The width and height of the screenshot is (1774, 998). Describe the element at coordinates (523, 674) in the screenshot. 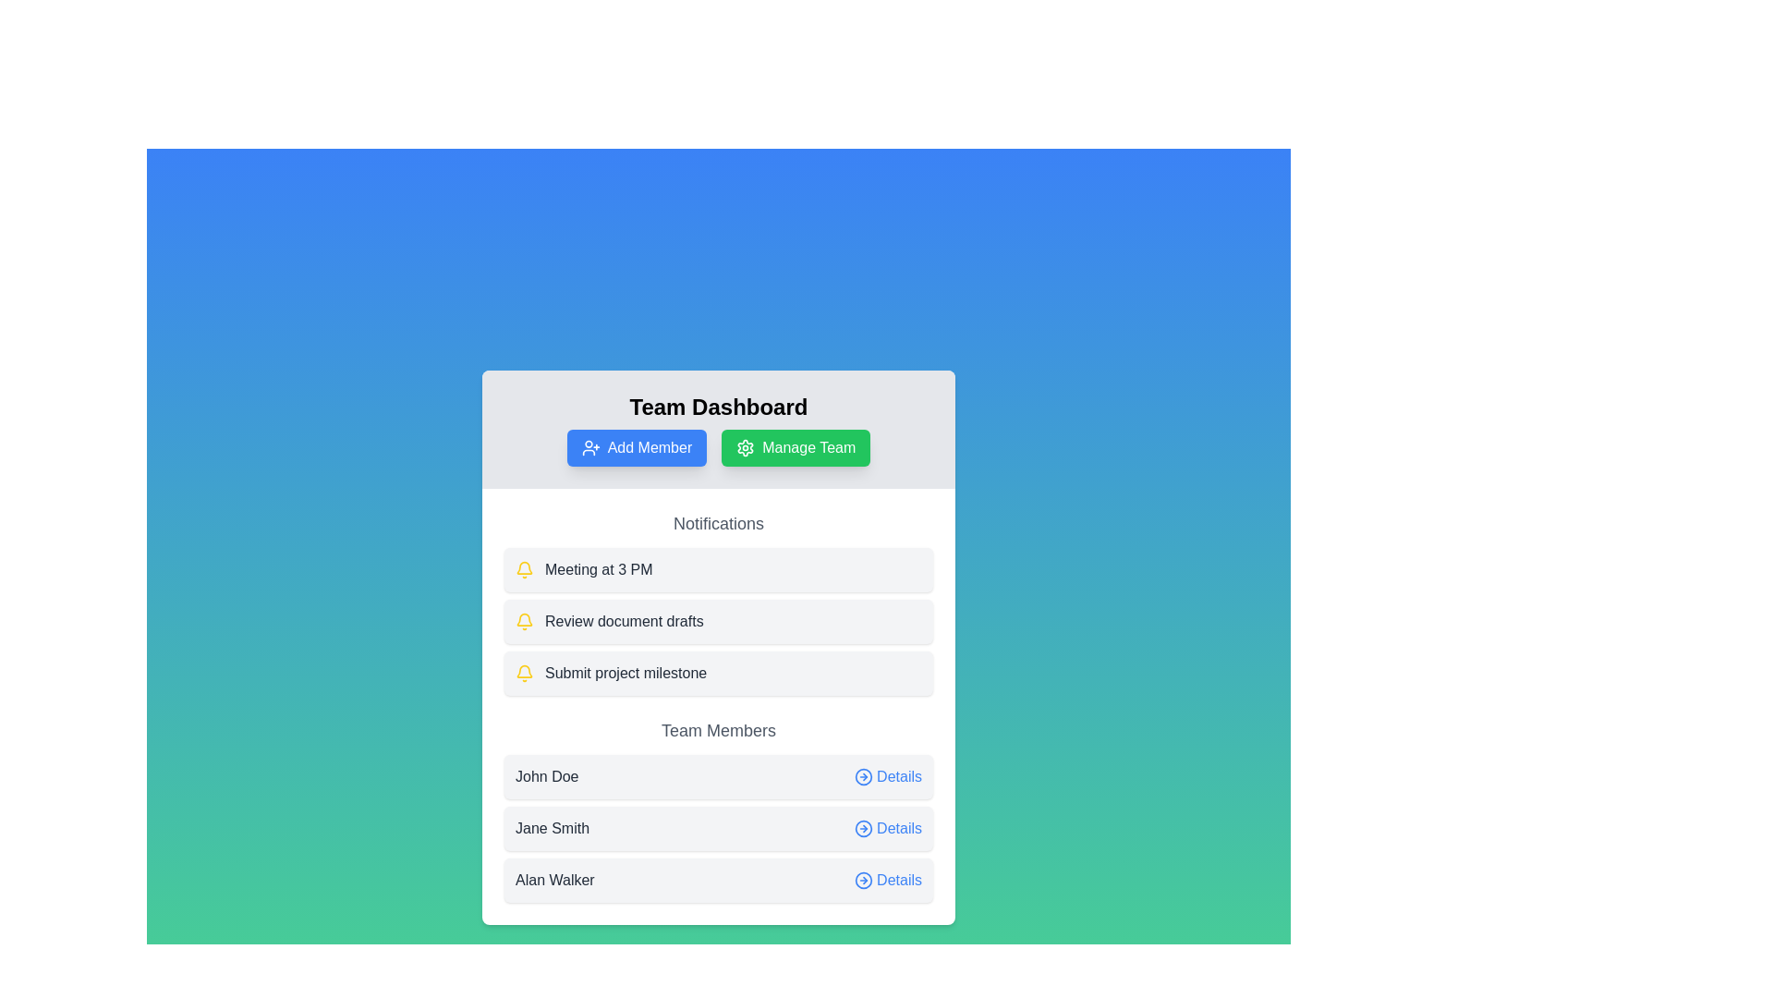

I see `the notification icon located to the left of the text in the 'Submit project milestone' notification row within the 'Notifications' section` at that location.